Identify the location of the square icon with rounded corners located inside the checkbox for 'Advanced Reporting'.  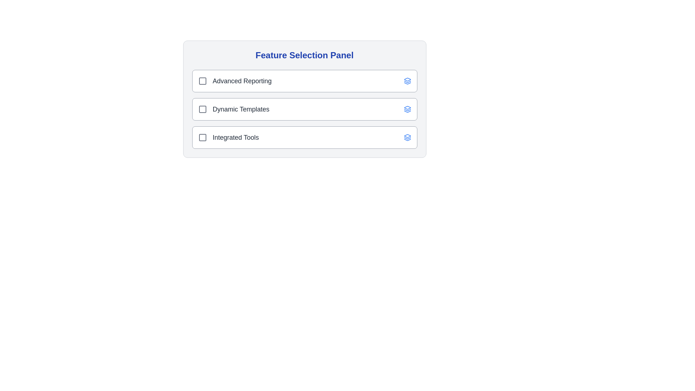
(202, 81).